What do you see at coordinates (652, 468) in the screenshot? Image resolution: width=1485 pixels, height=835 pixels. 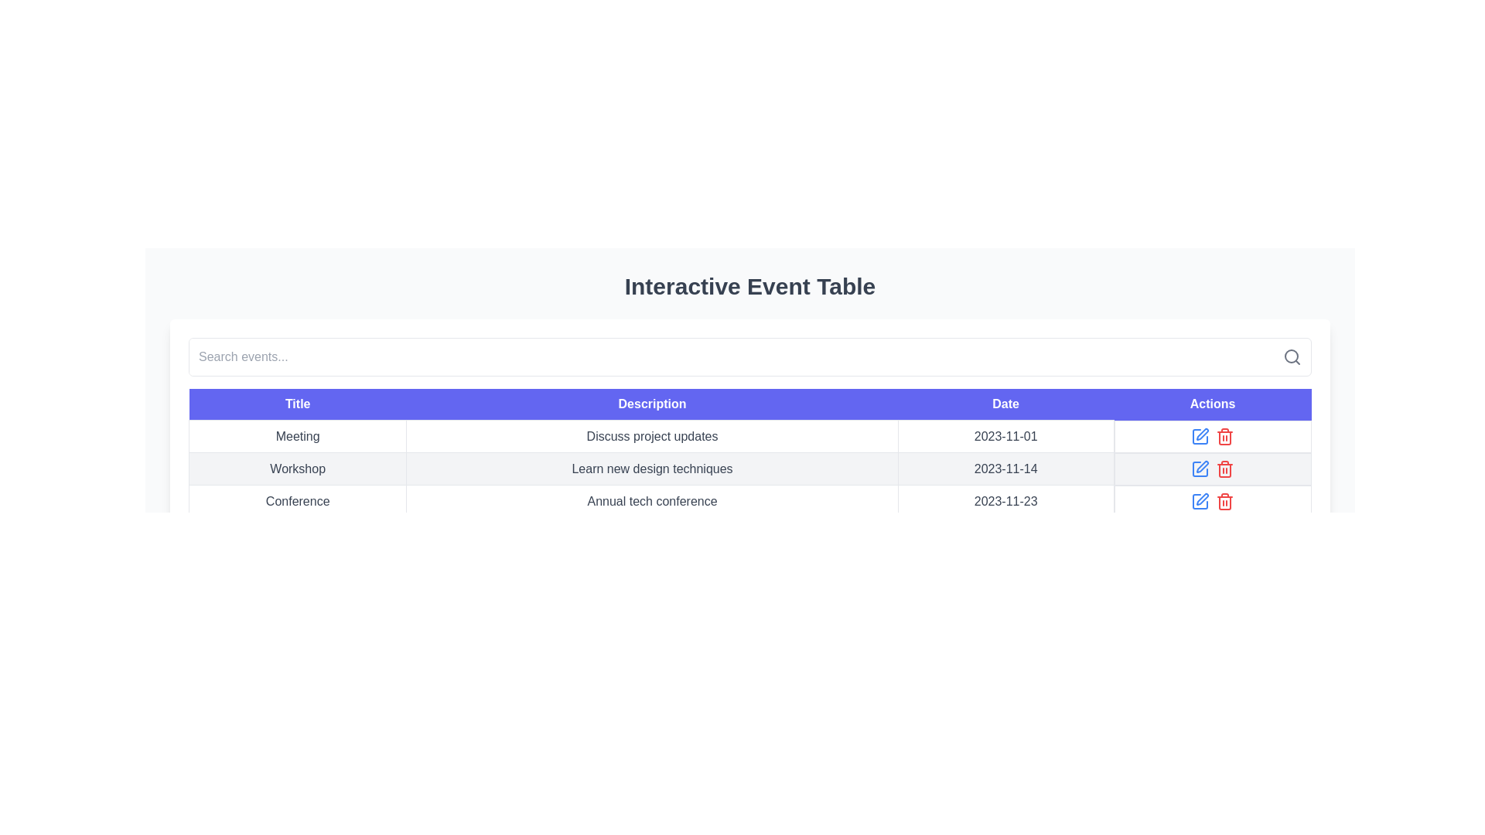 I see `the text label element that states 'Learn new design techniques', located in the second item of the 'Description' column adjacent to the 'Workshop' title` at bounding box center [652, 468].